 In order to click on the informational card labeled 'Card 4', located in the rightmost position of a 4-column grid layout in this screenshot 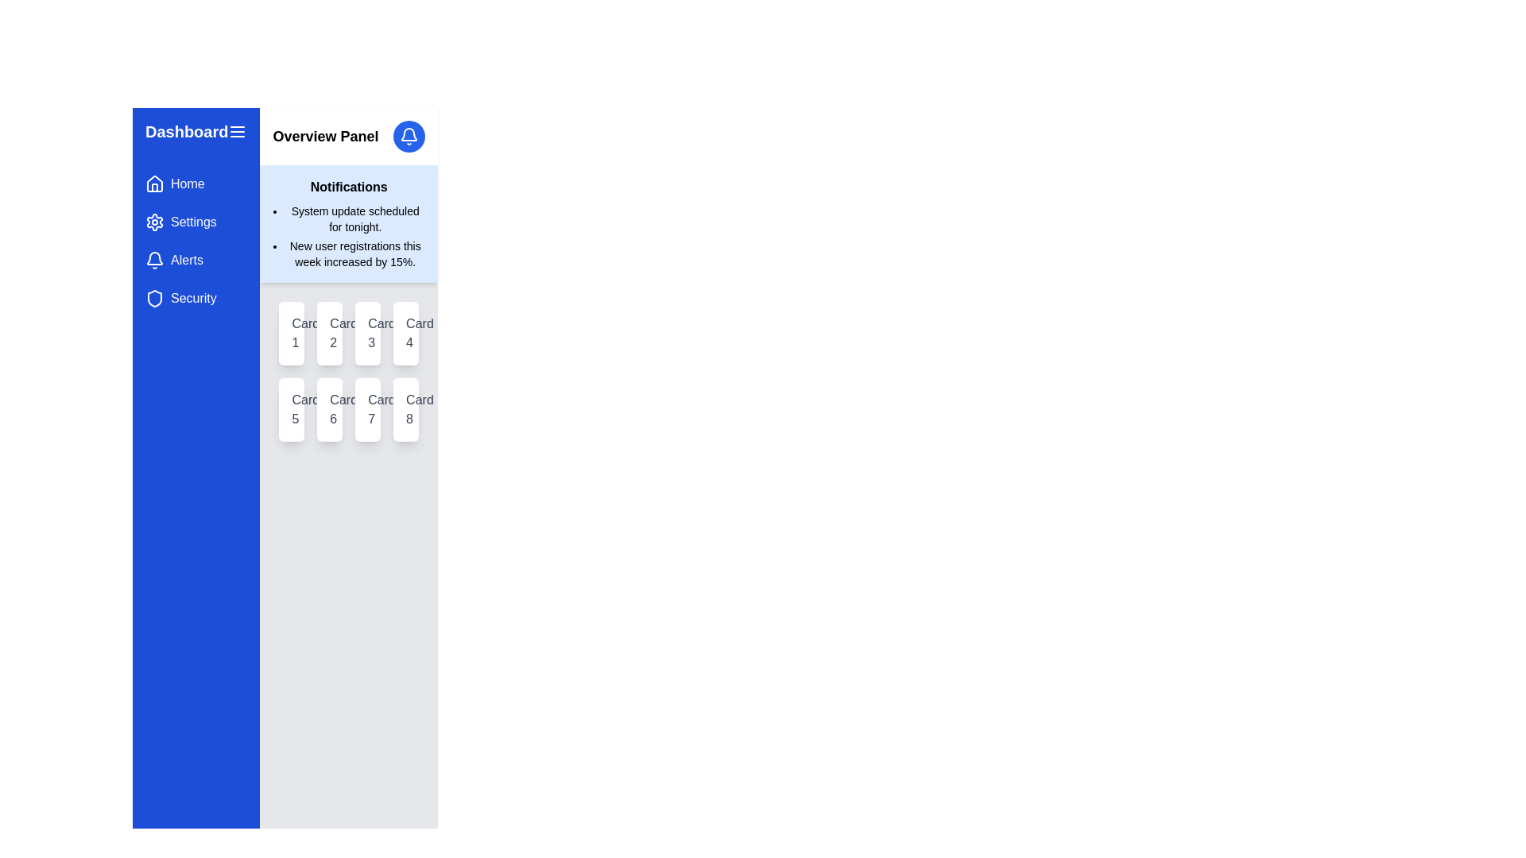, I will do `click(406, 333)`.